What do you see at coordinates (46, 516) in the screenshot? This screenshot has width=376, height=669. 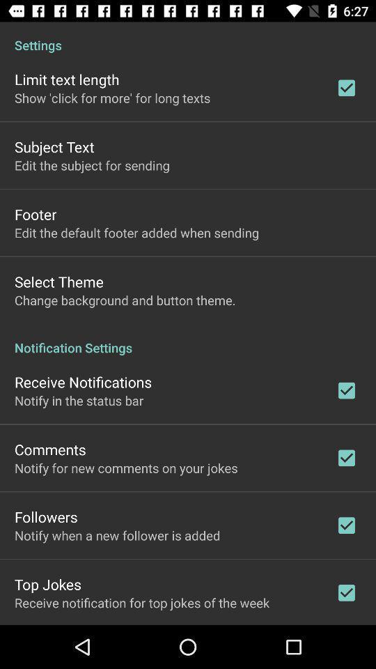 I see `the icon below notify for new item` at bounding box center [46, 516].